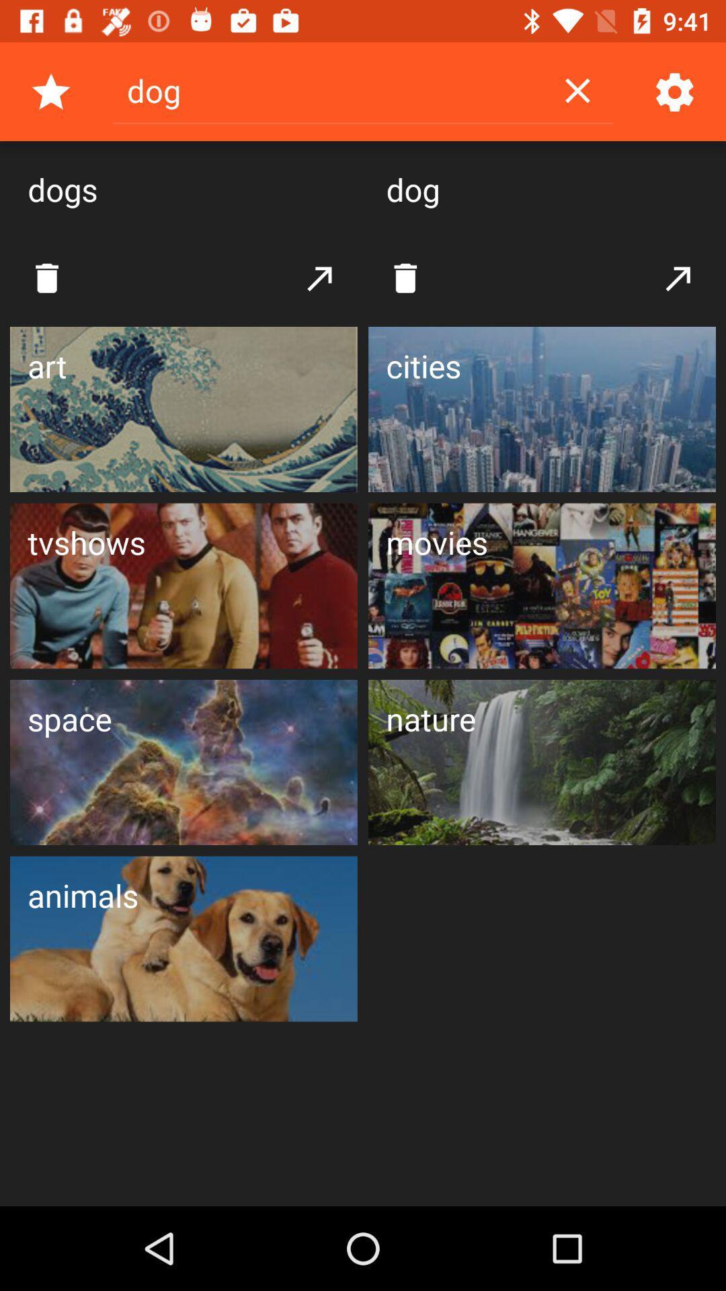 The image size is (726, 1291). What do you see at coordinates (405, 277) in the screenshot?
I see `the button which is below the dog and above the cities` at bounding box center [405, 277].